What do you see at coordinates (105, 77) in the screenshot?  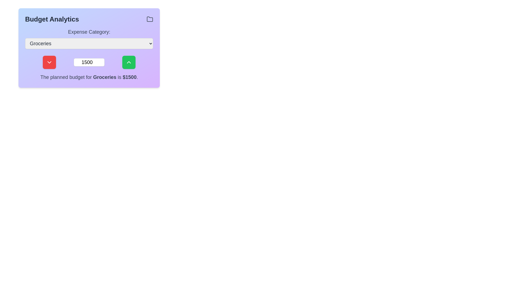 I see `the static text element that describes the category of the budget, specifically the word 'Groceries', located within the sentence 'The planned budget for Groceries is $1500.'` at bounding box center [105, 77].